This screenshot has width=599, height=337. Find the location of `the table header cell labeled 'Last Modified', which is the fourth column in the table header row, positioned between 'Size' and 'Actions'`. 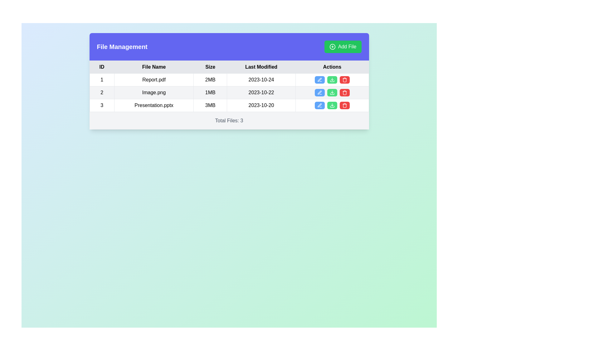

the table header cell labeled 'Last Modified', which is the fourth column in the table header row, positioned between 'Size' and 'Actions' is located at coordinates (261, 67).